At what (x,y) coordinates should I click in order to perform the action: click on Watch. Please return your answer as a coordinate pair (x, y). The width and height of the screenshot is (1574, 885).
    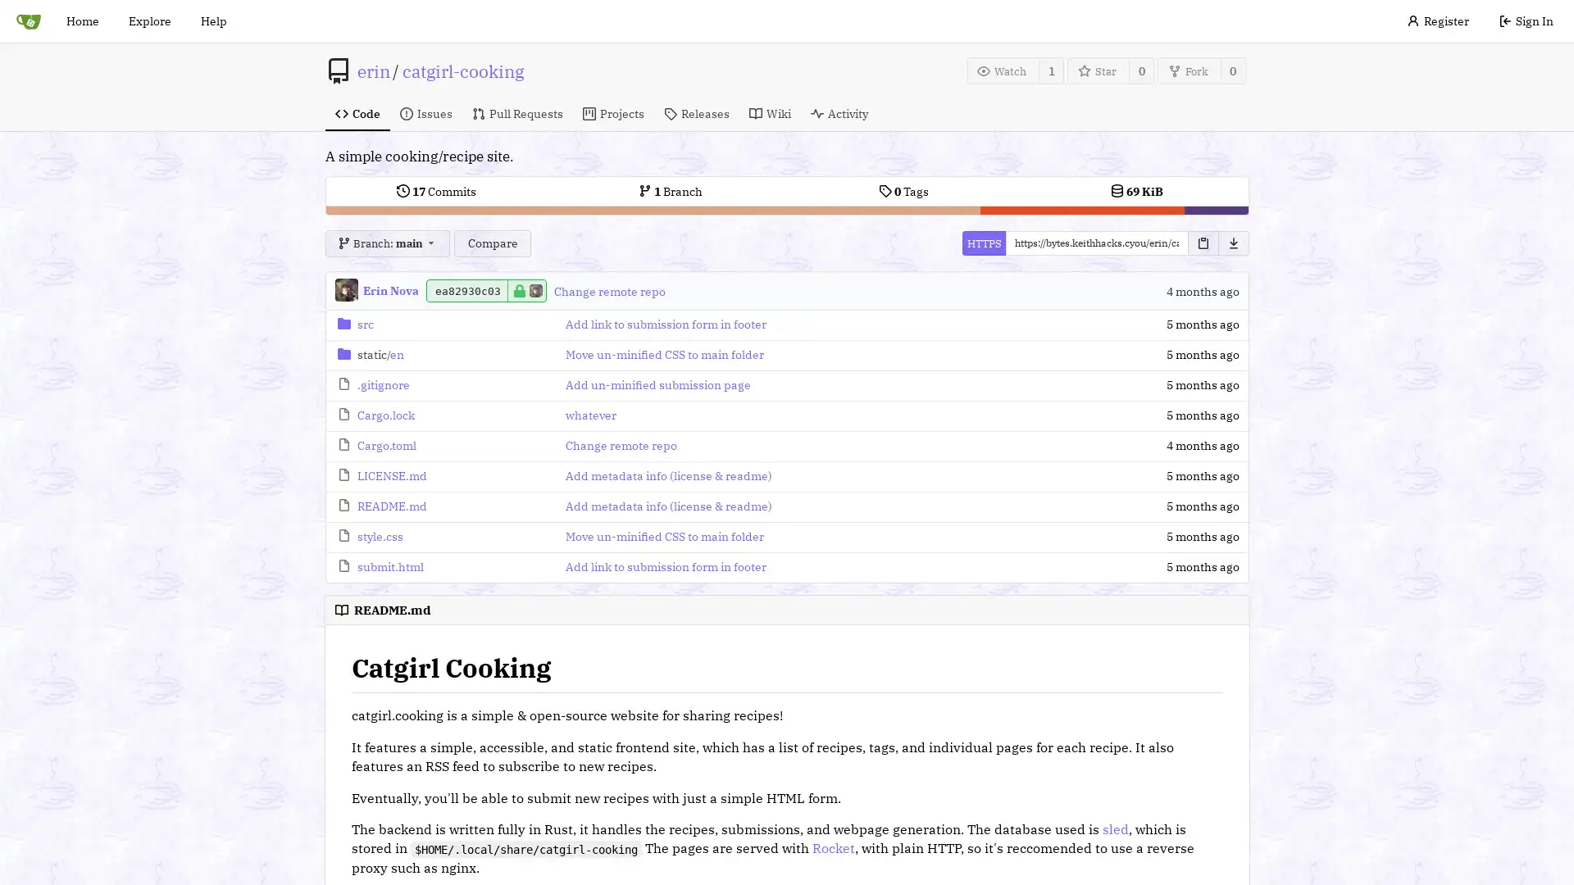
    Looking at the image, I should click on (1002, 70).